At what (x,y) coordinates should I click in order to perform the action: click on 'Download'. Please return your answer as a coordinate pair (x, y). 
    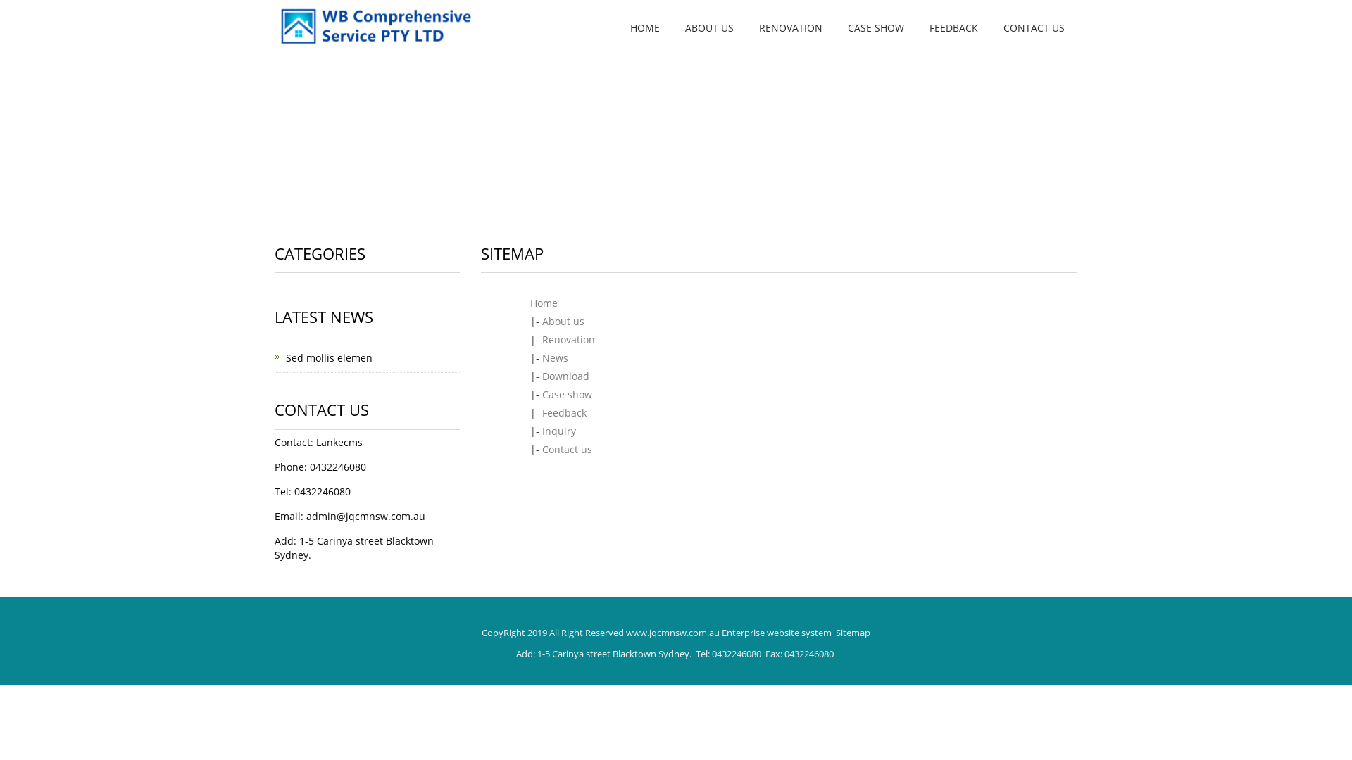
    Looking at the image, I should click on (565, 375).